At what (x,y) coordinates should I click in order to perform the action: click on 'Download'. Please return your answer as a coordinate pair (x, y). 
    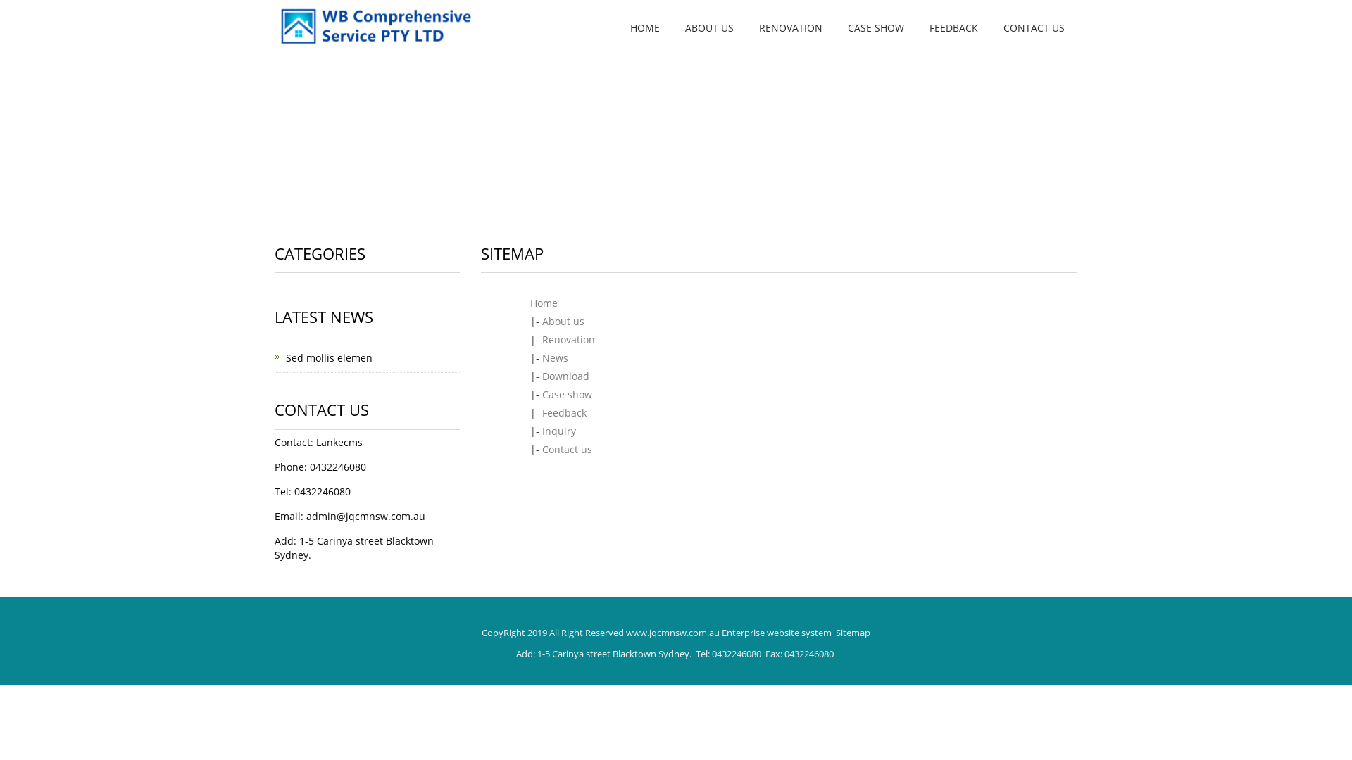
    Looking at the image, I should click on (565, 375).